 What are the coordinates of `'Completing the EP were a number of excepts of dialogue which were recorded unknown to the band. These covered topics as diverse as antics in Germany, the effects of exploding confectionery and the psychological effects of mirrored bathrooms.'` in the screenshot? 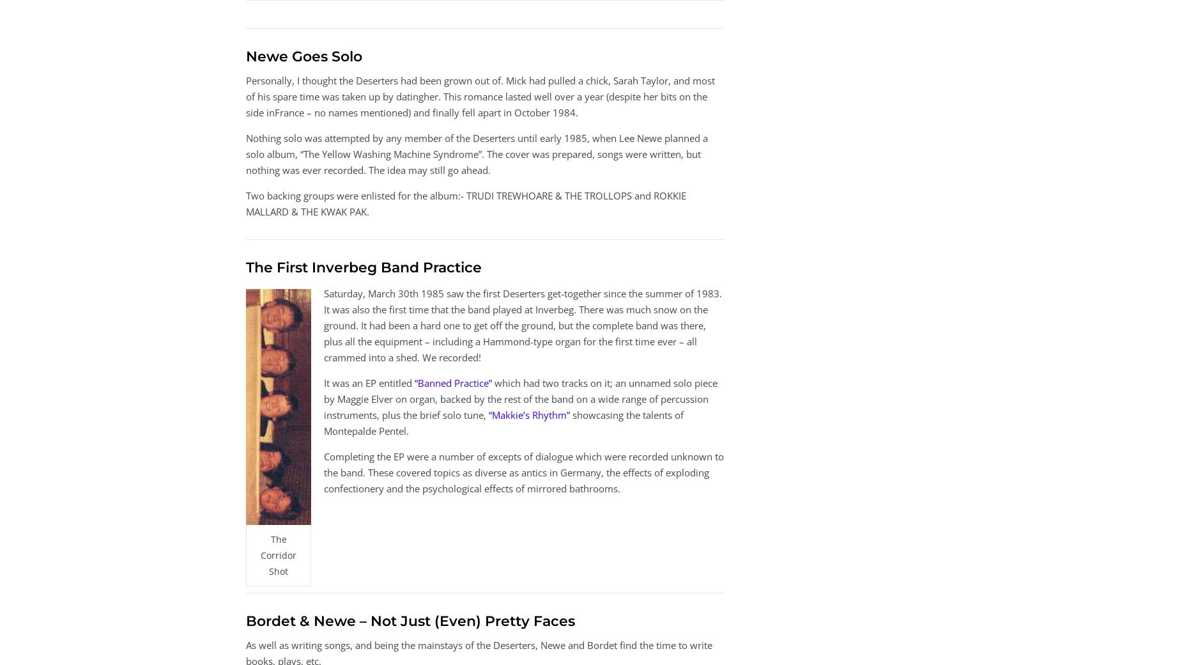 It's located at (523, 471).